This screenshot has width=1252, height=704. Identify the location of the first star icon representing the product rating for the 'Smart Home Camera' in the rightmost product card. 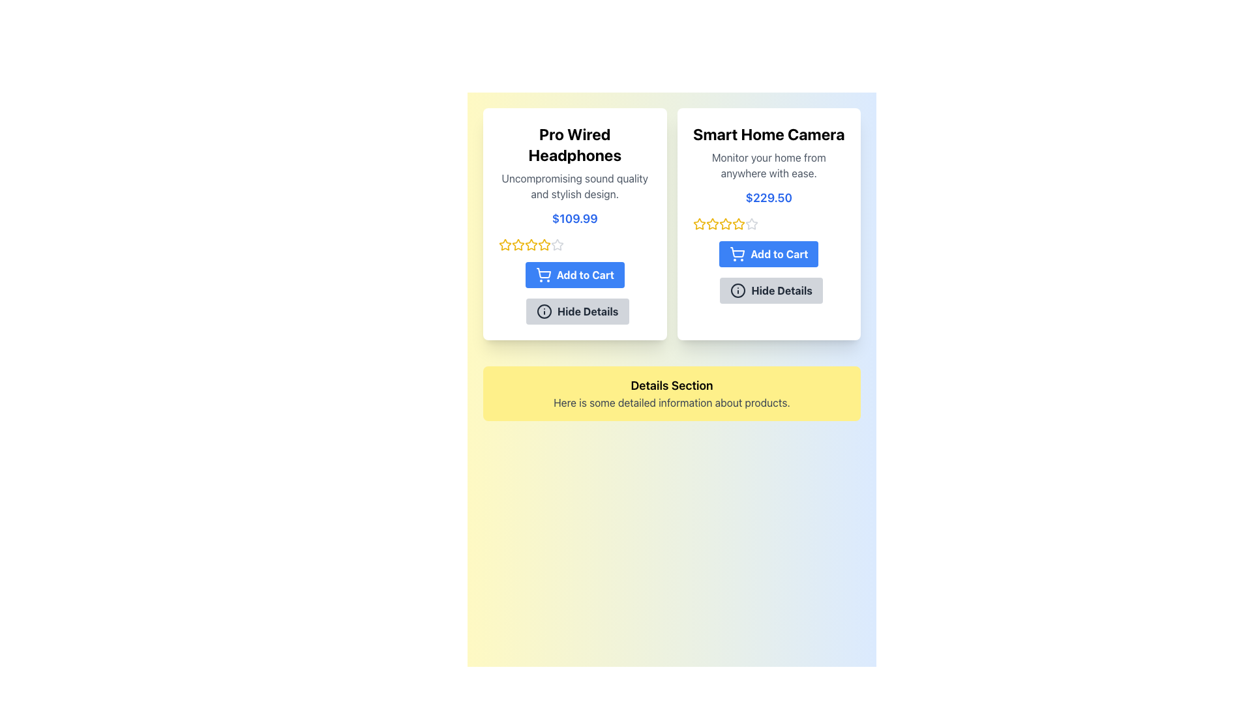
(698, 223).